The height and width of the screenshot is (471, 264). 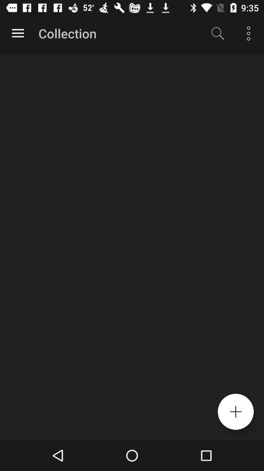 I want to click on navigation menu, so click(x=18, y=33).